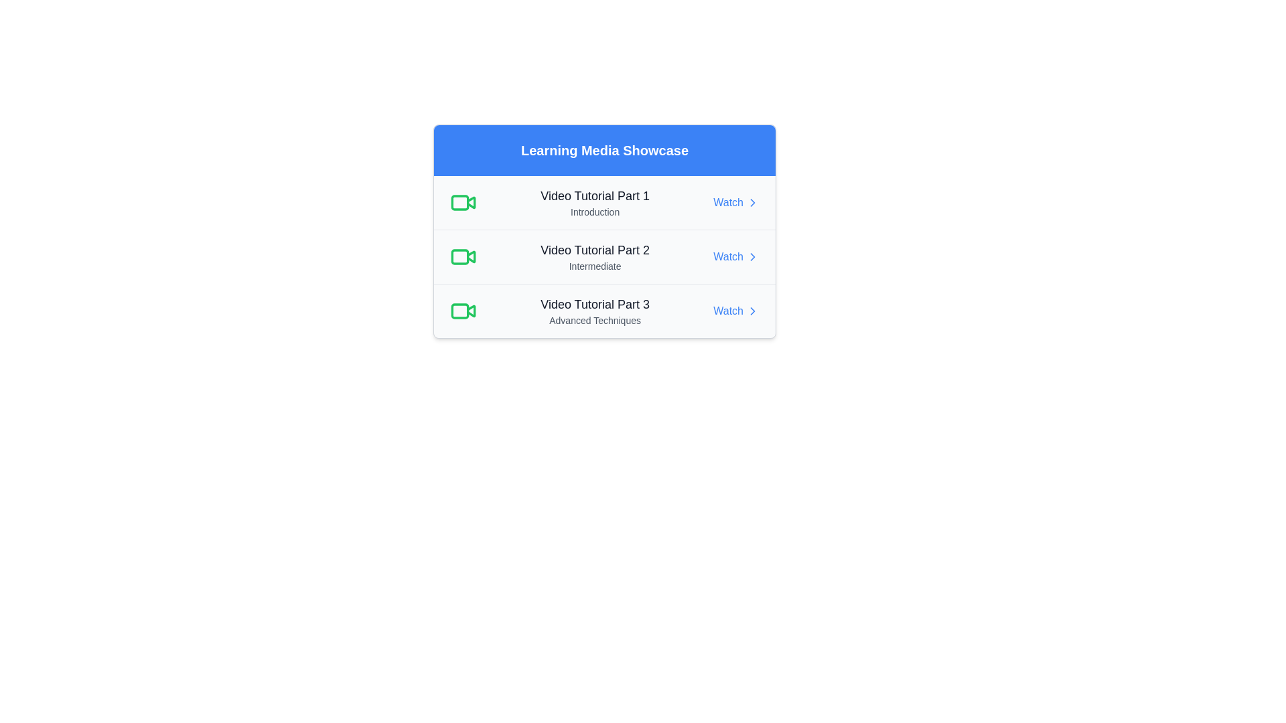  Describe the element at coordinates (471, 311) in the screenshot. I see `the green triangular play button icon located within the video thumbnail graphic of the third item in the 'Learning Media Showcase' section` at that location.